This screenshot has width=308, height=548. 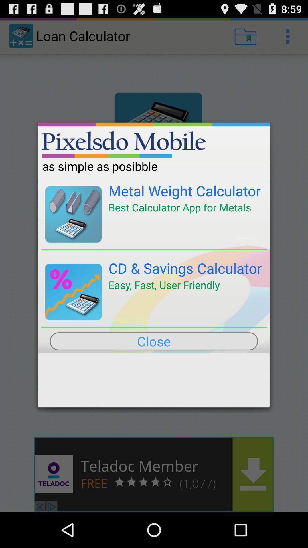 What do you see at coordinates (180, 207) in the screenshot?
I see `the best calculator app app` at bounding box center [180, 207].